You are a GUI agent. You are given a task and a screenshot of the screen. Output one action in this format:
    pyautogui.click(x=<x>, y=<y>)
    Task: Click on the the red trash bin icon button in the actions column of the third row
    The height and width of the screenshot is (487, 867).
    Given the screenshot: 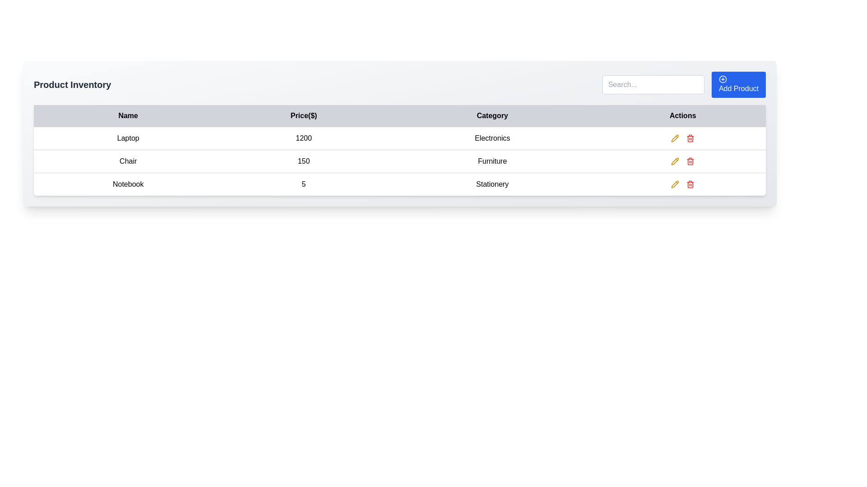 What is the action you would take?
    pyautogui.click(x=690, y=161)
    